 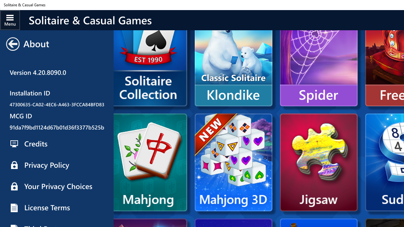 What do you see at coordinates (56, 140) in the screenshot?
I see `'Restore Solitaire Purchases'` at bounding box center [56, 140].